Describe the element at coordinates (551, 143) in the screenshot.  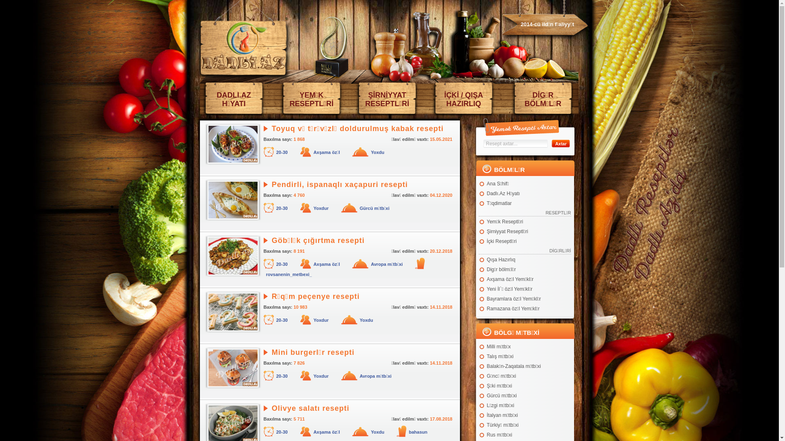
I see `'Axtar'` at that location.